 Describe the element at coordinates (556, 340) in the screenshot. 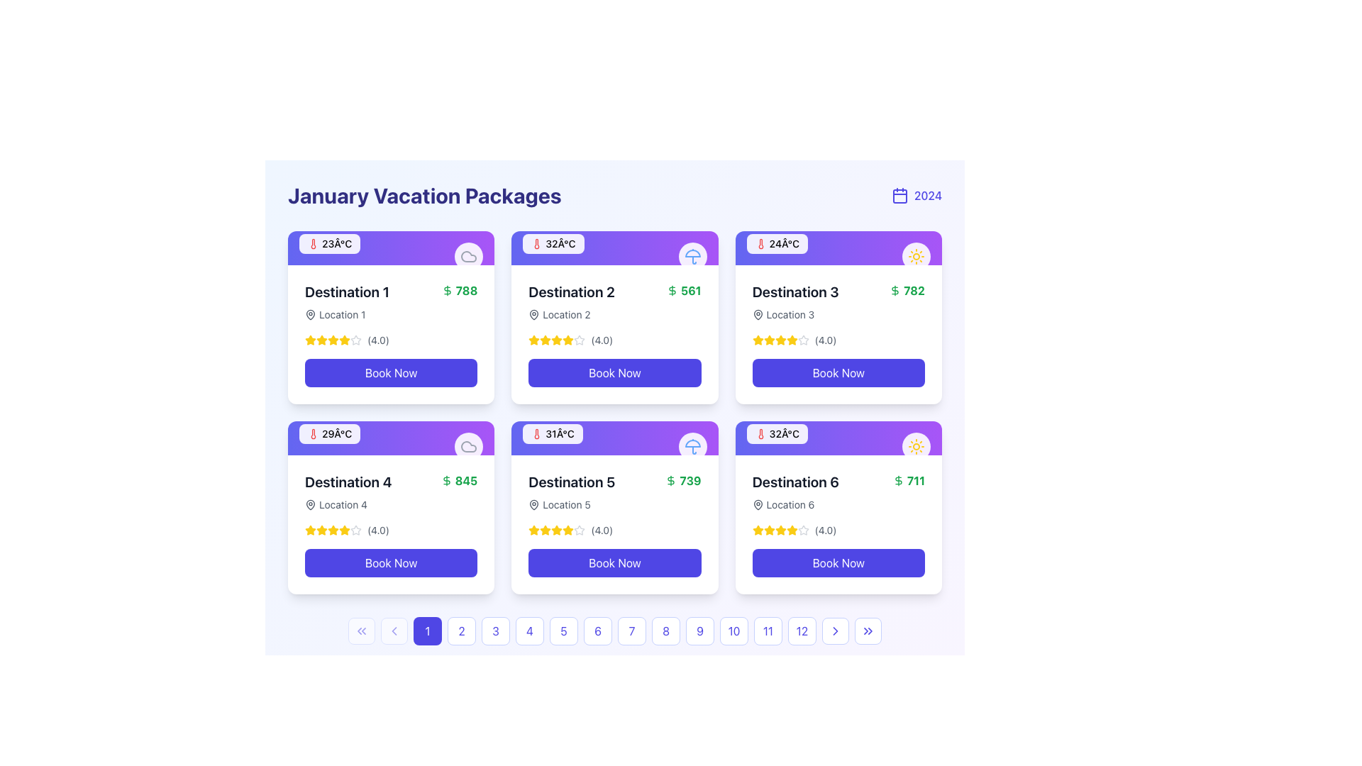

I see `the star icon representing the rating for 'Destination 2' located in the second column of the first row of the grid layout` at that location.